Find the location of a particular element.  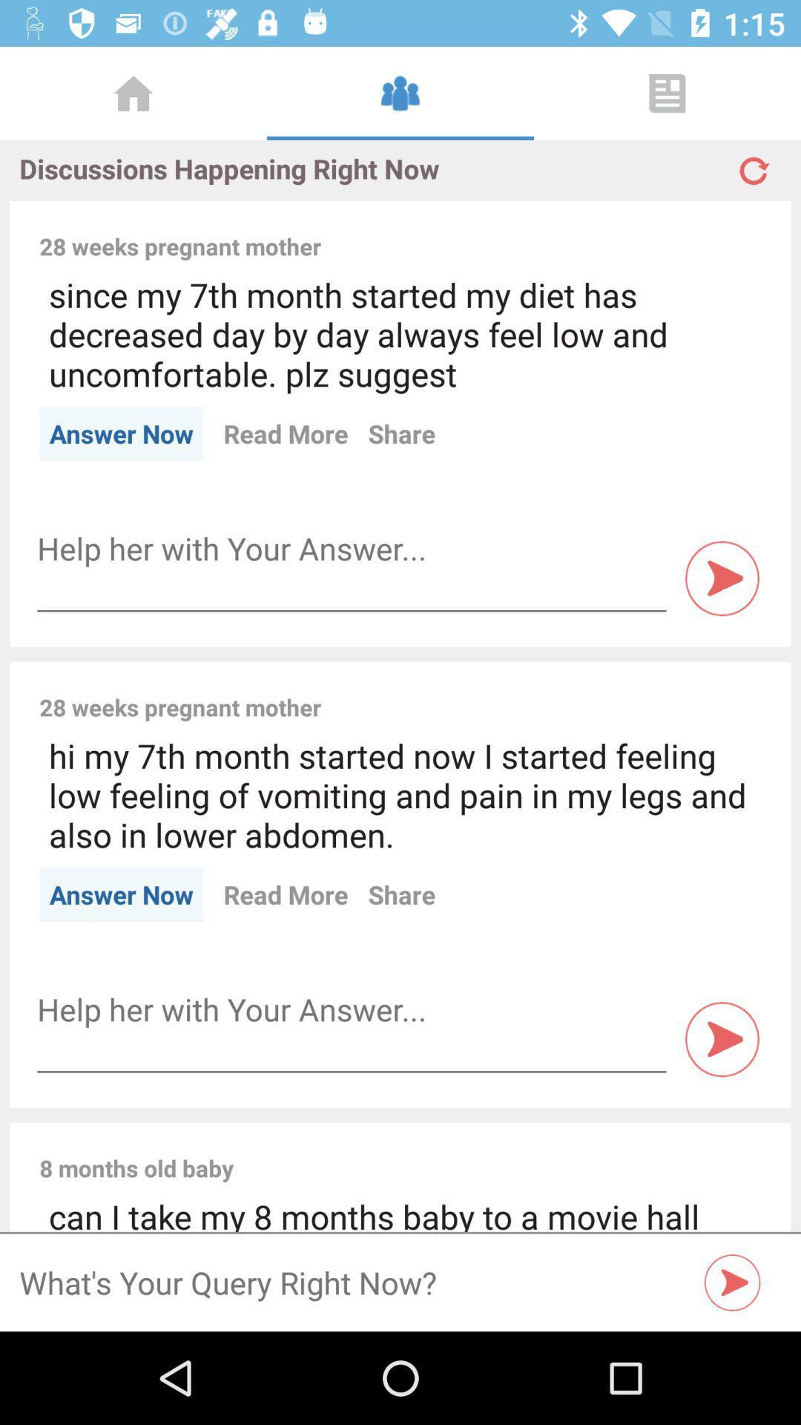

the item next to the 28 weeks pregnant item is located at coordinates (551, 690).